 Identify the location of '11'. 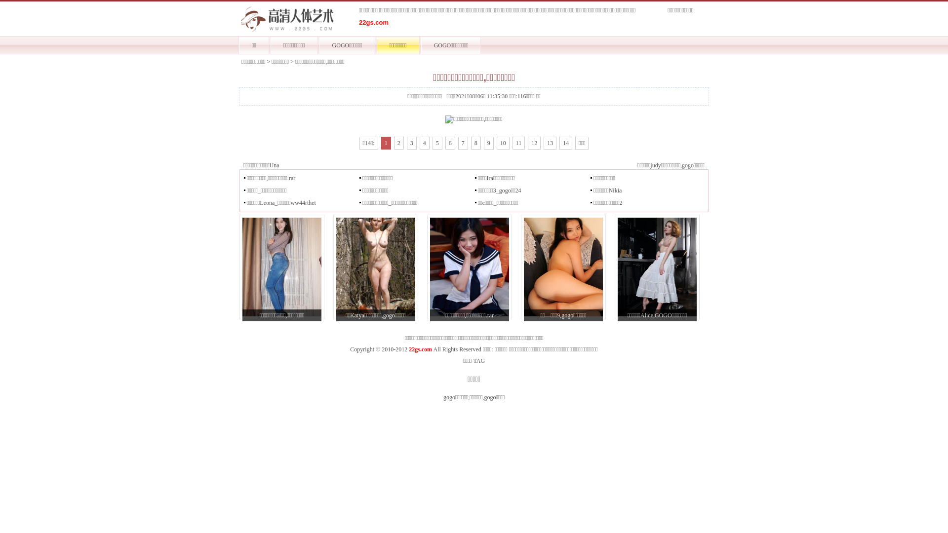
(518, 143).